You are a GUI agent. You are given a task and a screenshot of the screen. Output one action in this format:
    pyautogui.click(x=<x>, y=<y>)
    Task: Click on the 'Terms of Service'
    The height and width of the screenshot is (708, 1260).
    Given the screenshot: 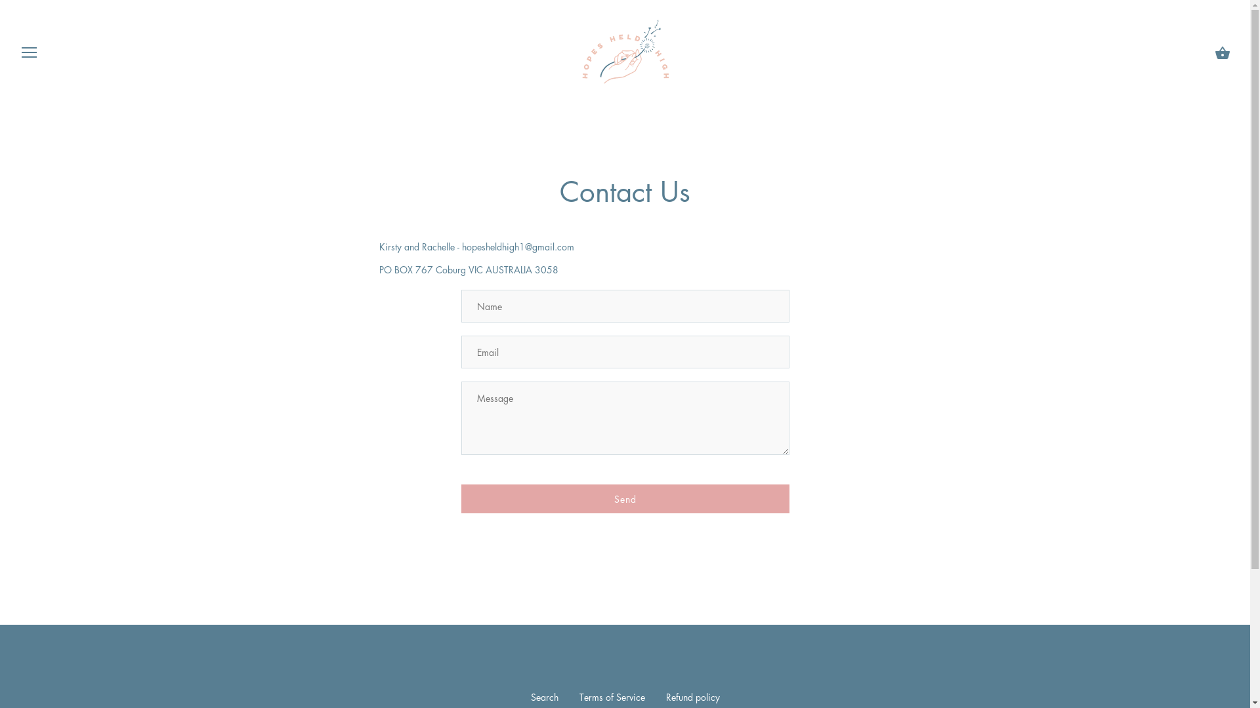 What is the action you would take?
    pyautogui.click(x=578, y=696)
    